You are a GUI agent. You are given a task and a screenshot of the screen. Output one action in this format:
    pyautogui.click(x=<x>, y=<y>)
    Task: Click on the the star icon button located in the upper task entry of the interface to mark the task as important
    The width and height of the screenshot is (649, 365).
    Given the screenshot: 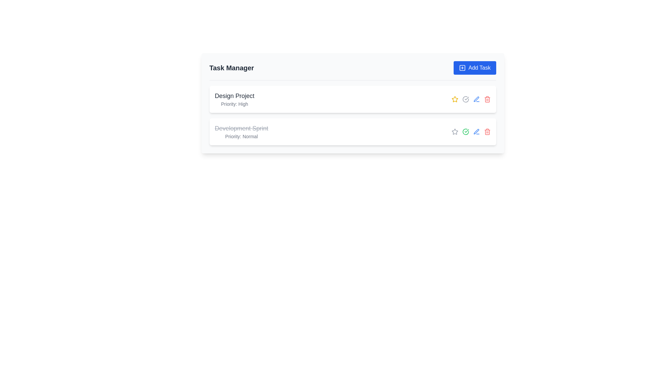 What is the action you would take?
    pyautogui.click(x=454, y=99)
    